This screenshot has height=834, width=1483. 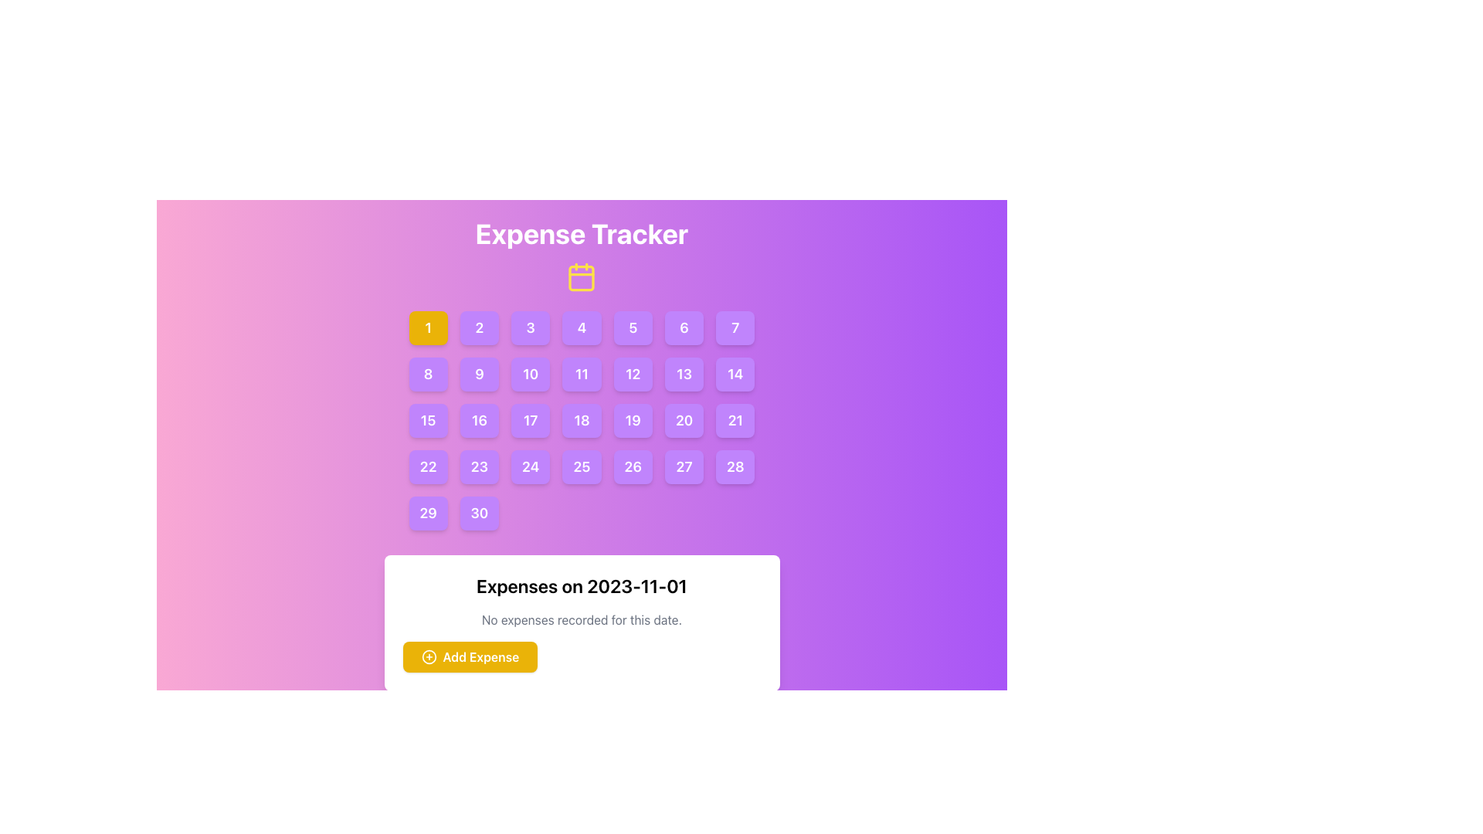 I want to click on the button representing the 9th day in the calendar interface, so click(x=478, y=375).